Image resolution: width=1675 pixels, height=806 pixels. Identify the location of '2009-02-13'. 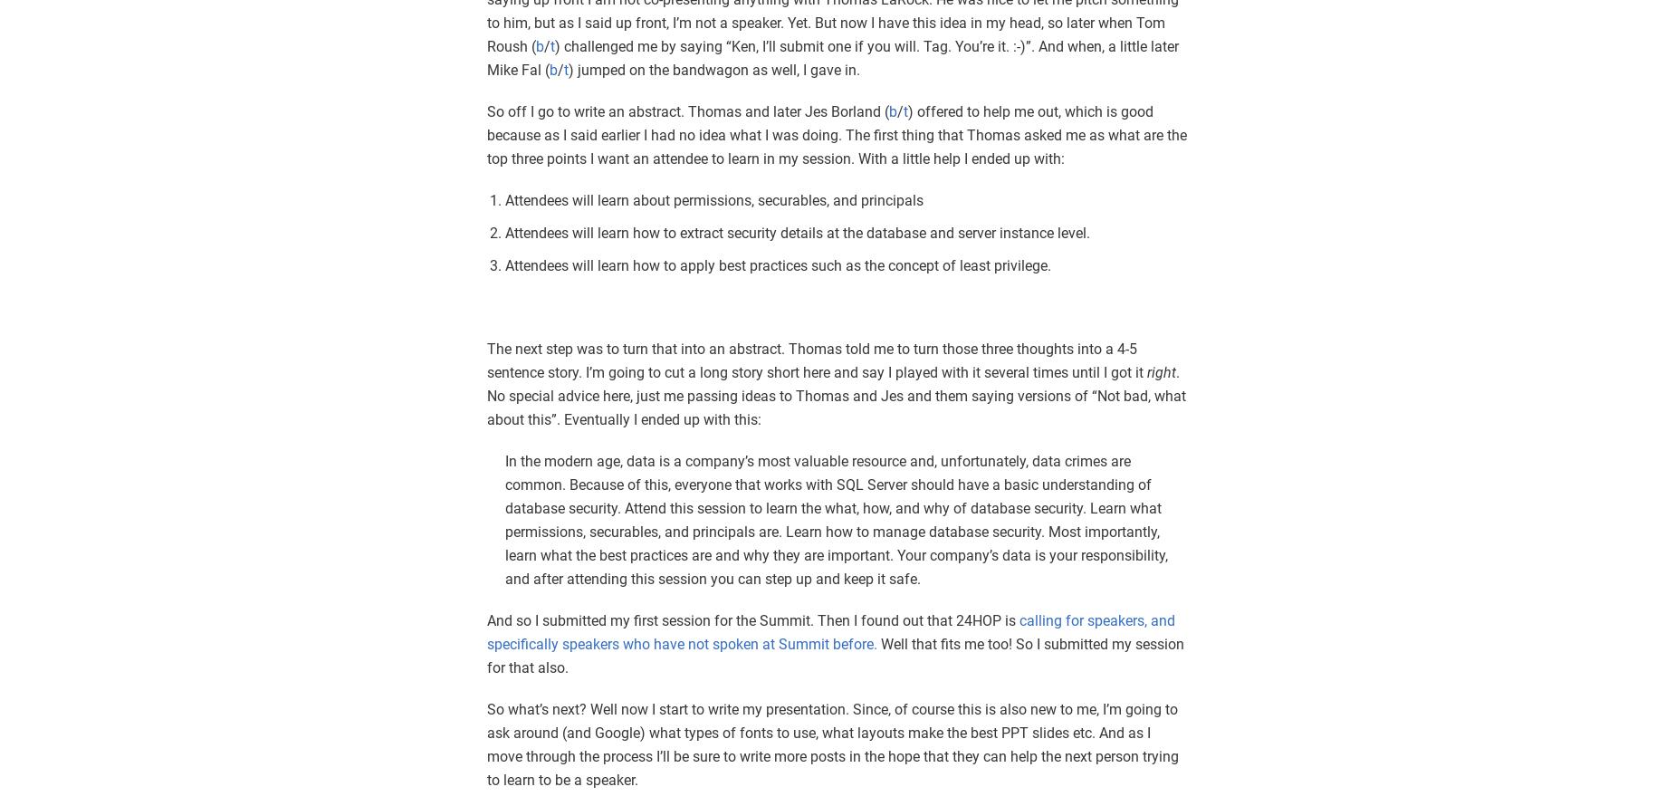
(1254, 648).